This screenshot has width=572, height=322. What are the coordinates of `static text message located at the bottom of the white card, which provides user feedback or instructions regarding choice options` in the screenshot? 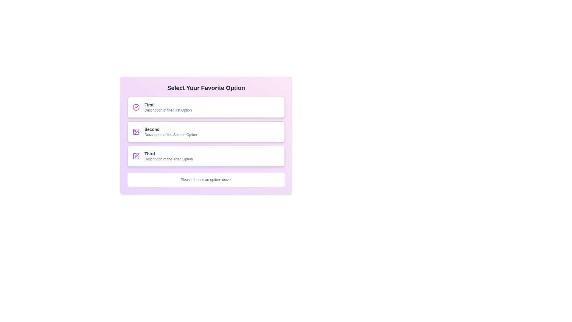 It's located at (206, 179).